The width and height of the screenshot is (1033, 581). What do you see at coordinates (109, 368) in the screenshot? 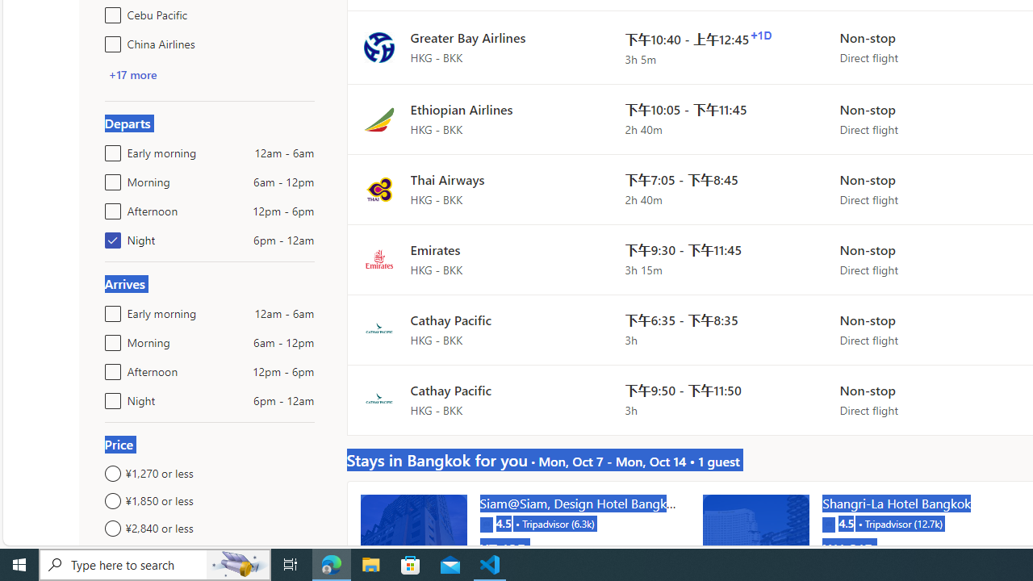
I see `'Afternoon12pm - 6pm'` at bounding box center [109, 368].